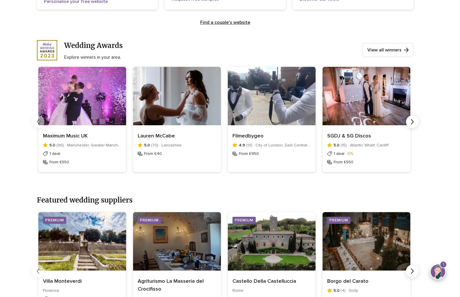 This screenshot has width=460, height=297. What do you see at coordinates (51, 290) in the screenshot?
I see `'Florence'` at bounding box center [51, 290].